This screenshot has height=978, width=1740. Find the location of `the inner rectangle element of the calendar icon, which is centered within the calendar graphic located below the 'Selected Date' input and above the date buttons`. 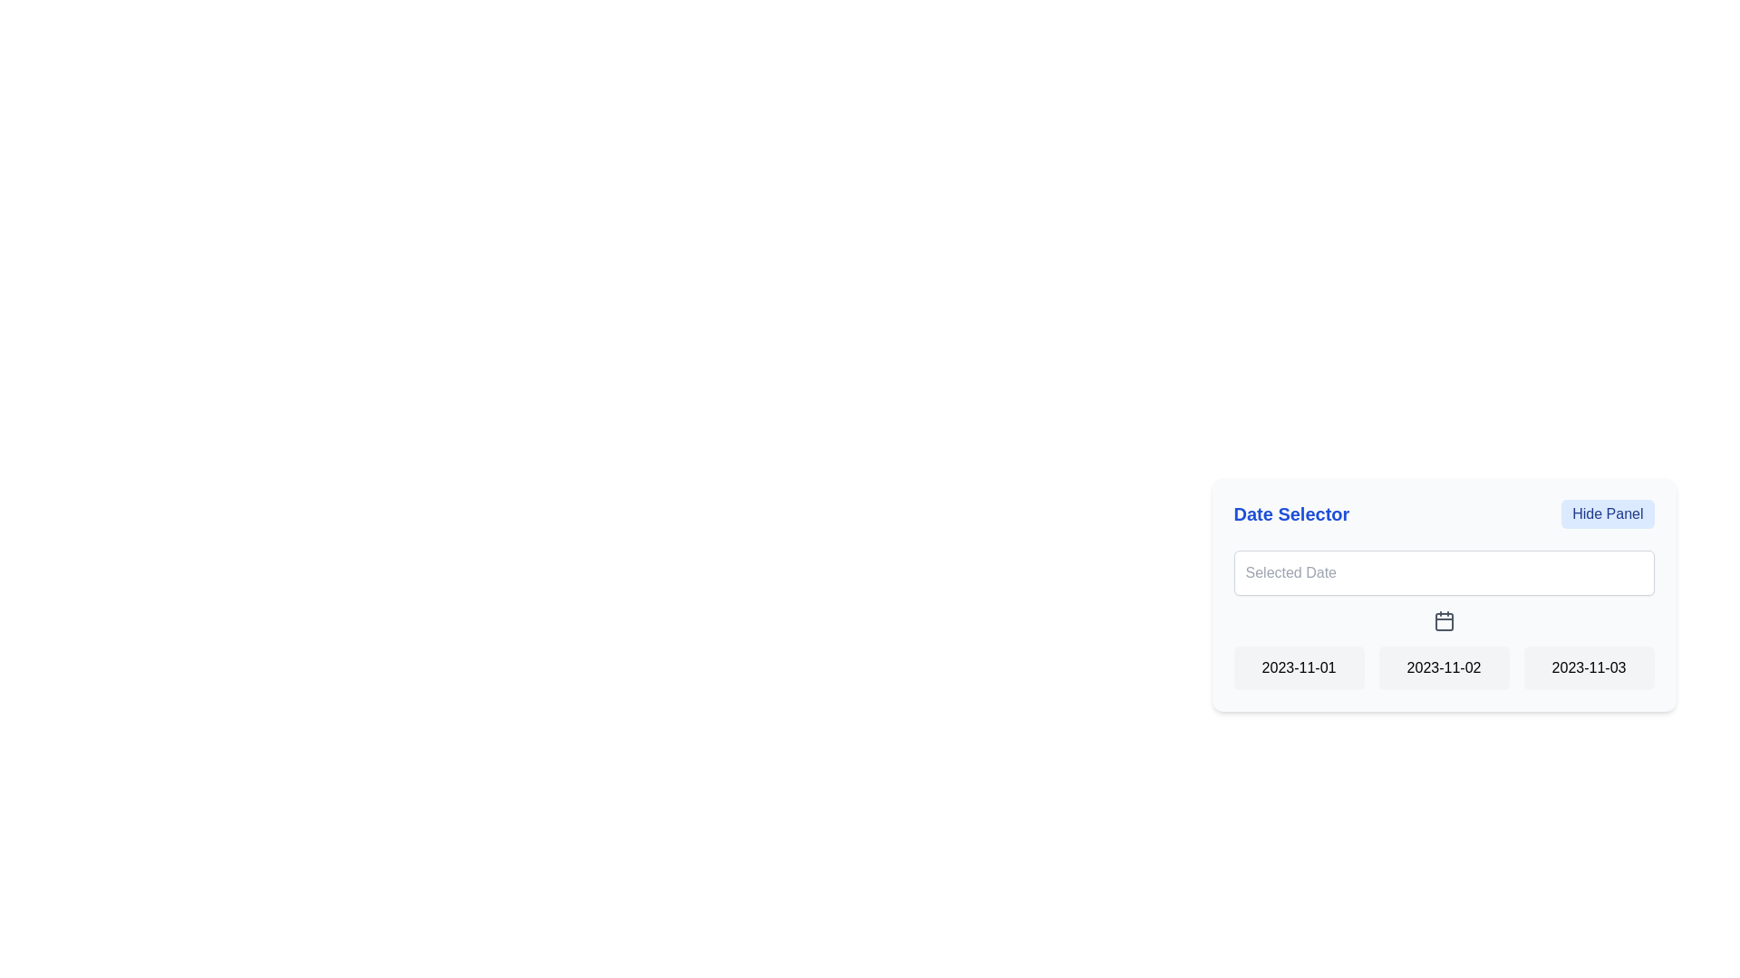

the inner rectangle element of the calendar icon, which is centered within the calendar graphic located below the 'Selected Date' input and above the date buttons is located at coordinates (1443, 620).